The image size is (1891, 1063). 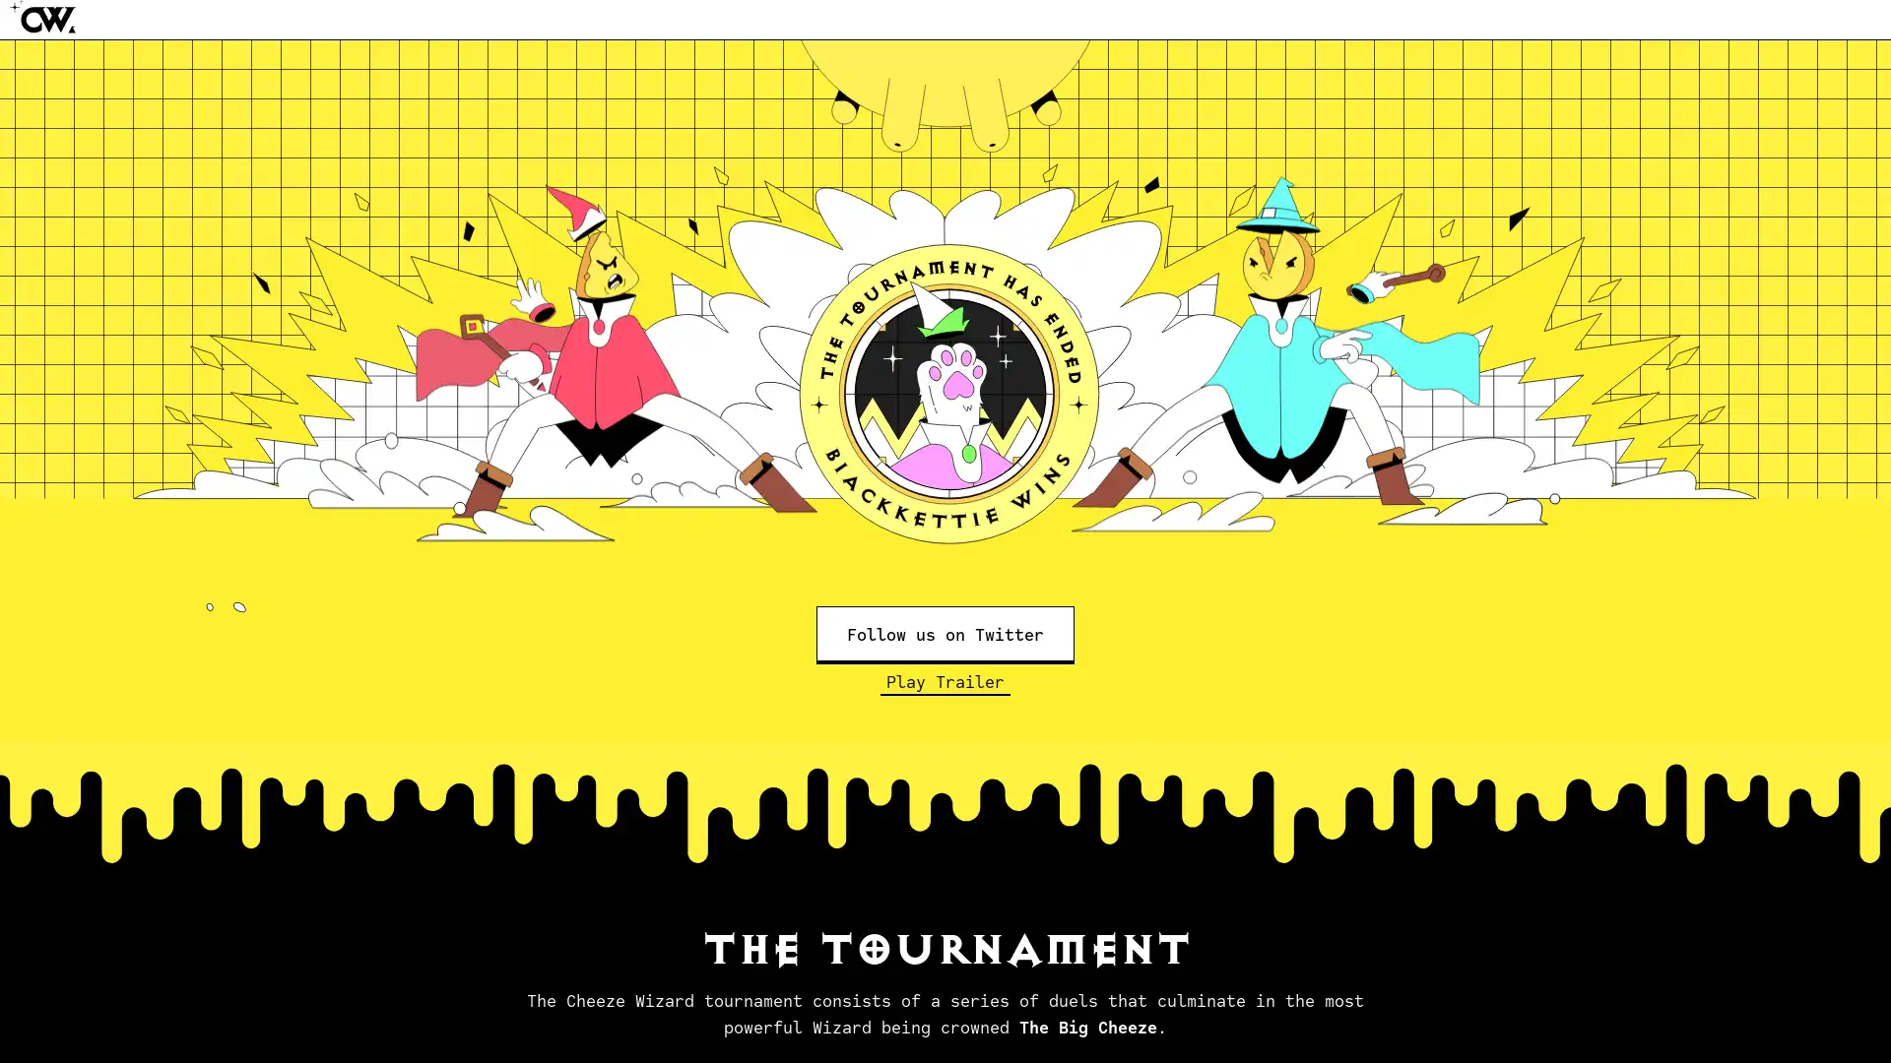 What do you see at coordinates (945, 682) in the screenshot?
I see `Play Trailer` at bounding box center [945, 682].